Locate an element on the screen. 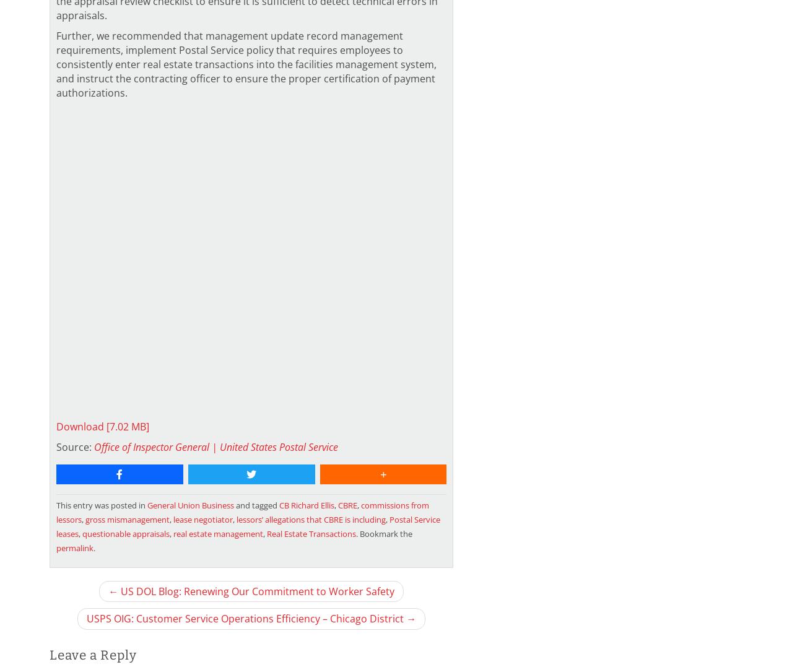 The height and width of the screenshot is (667, 805). 'questionable appraisals' is located at coordinates (81, 532).